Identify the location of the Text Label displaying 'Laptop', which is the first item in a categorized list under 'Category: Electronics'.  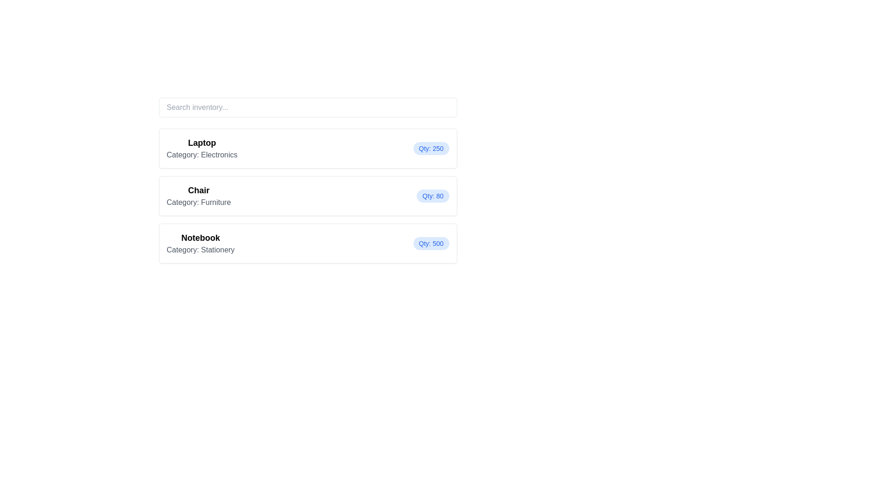
(201, 143).